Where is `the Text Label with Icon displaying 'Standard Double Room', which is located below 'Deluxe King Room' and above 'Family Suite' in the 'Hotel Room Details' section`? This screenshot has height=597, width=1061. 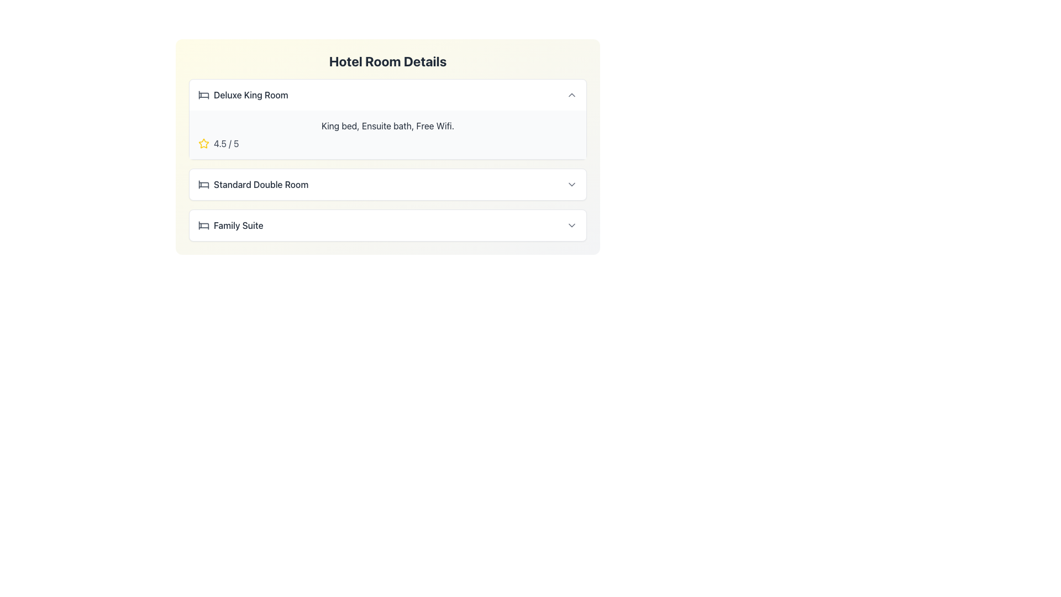
the Text Label with Icon displaying 'Standard Double Room', which is located below 'Deluxe King Room' and above 'Family Suite' in the 'Hotel Room Details' section is located at coordinates (253, 184).